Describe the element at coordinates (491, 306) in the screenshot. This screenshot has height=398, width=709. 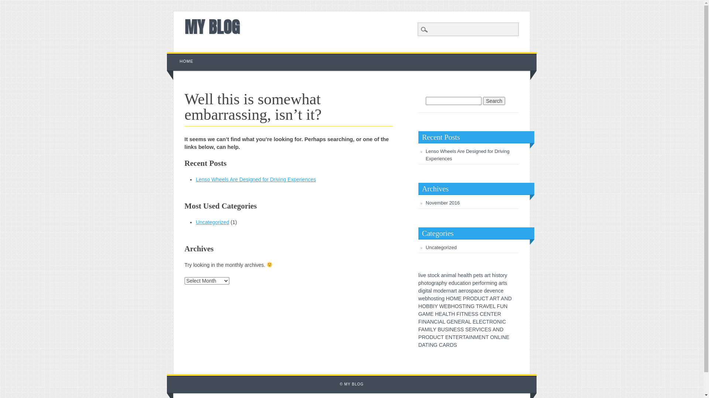
I see `'E'` at that location.